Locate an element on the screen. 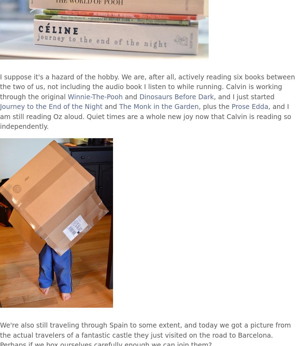 This screenshot has width=297, height=346. ', and I just started' is located at coordinates (243, 96).